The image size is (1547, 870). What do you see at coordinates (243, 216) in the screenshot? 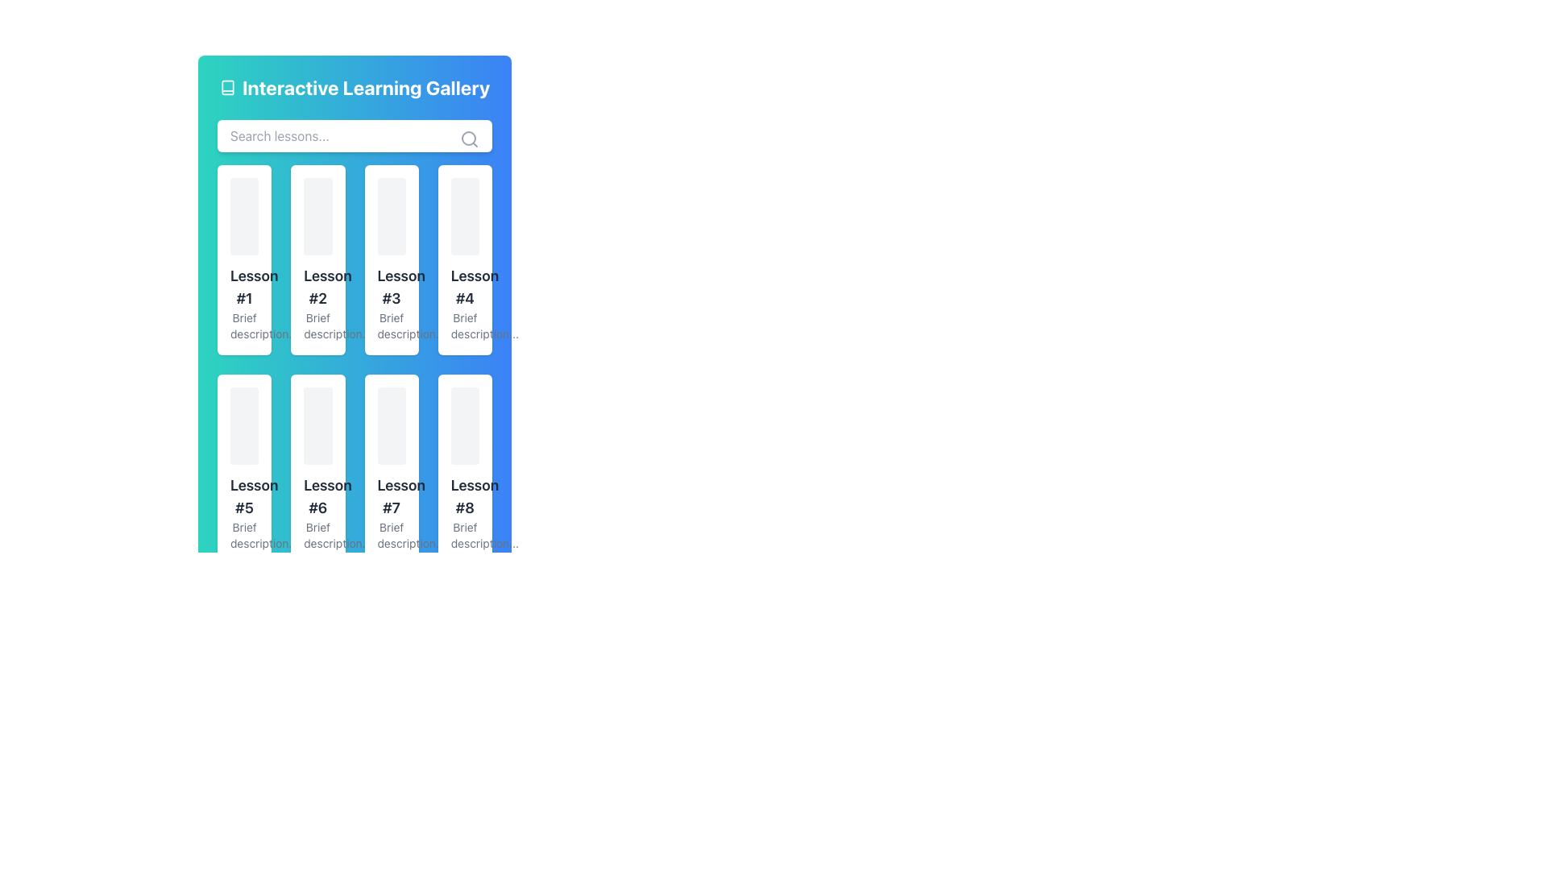
I see `the decorative placeholder or visual banner located at the top of the 'Lesson #1' card in the upper left of the grid layout` at bounding box center [243, 216].